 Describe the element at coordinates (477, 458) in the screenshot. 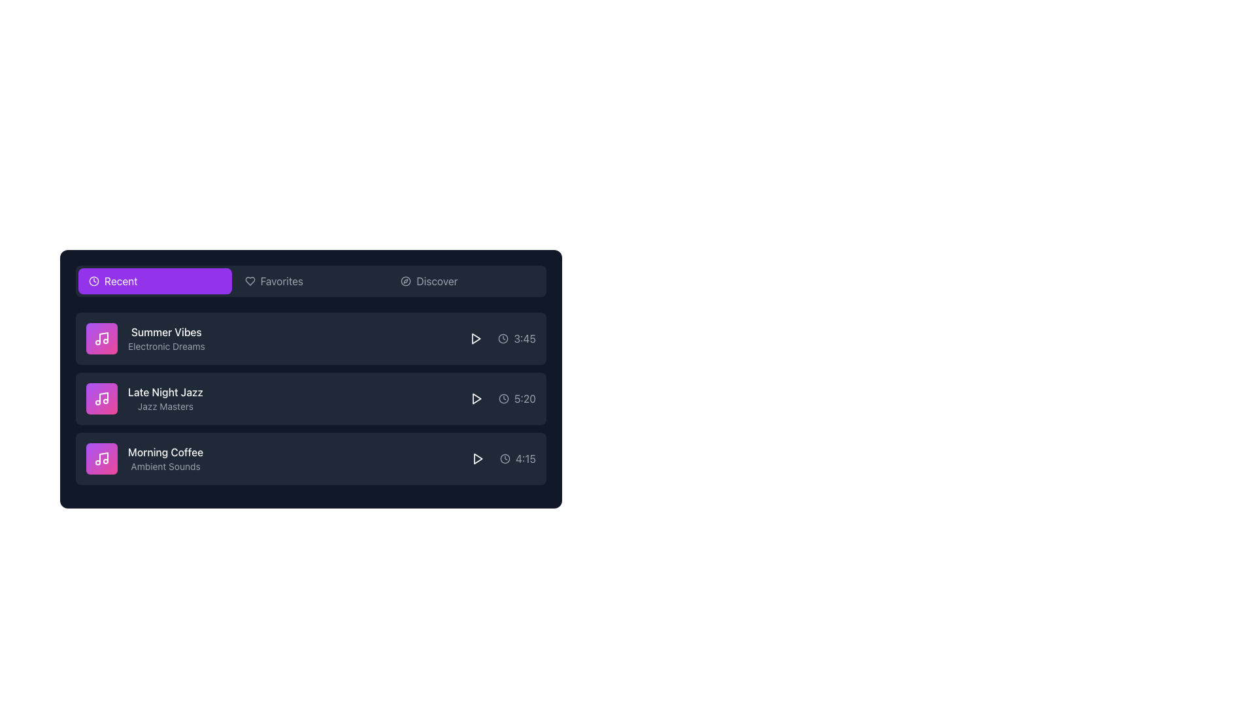

I see `the Play button icon for the 'Morning Coffee' track` at that location.